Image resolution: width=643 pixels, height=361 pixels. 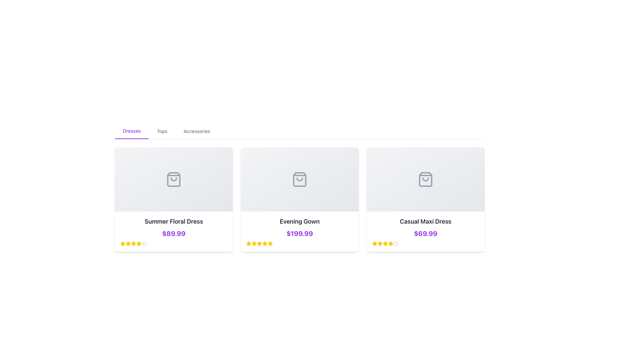 I want to click on the characteristics of the filled star icon representing the rating for the 'Casual Maxi Dress' located in the second column of the star rating system, which is the third star from the left, so click(x=380, y=244).